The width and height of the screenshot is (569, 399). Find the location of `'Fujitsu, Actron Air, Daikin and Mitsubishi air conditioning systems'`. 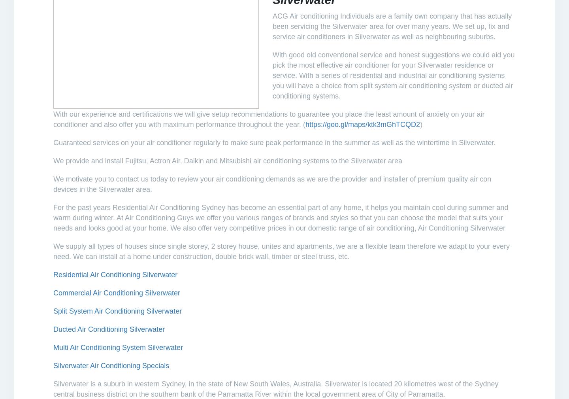

'Fujitsu, Actron Air, Daikin and Mitsubishi air conditioning systems' is located at coordinates (227, 161).